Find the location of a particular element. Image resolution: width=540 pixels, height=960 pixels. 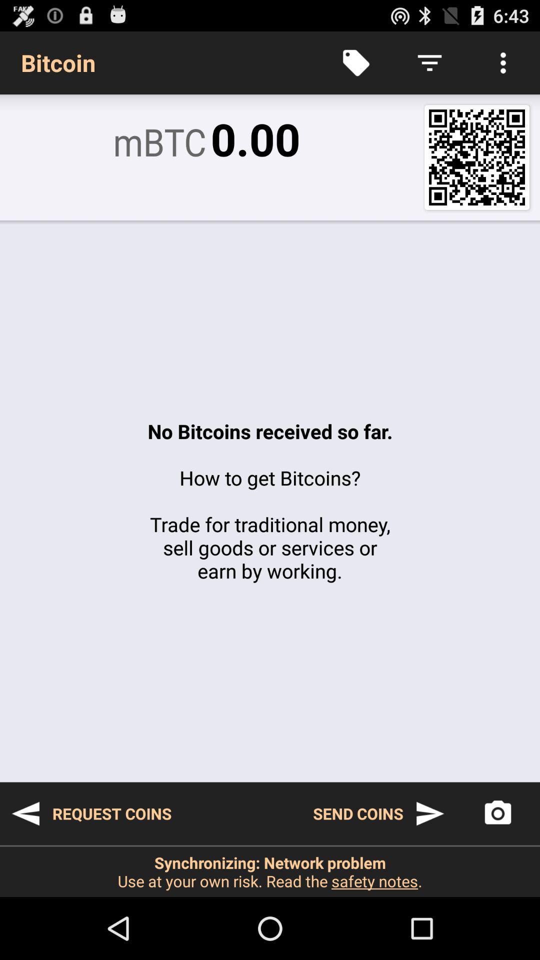

button to the right of the send coins is located at coordinates (497, 813).